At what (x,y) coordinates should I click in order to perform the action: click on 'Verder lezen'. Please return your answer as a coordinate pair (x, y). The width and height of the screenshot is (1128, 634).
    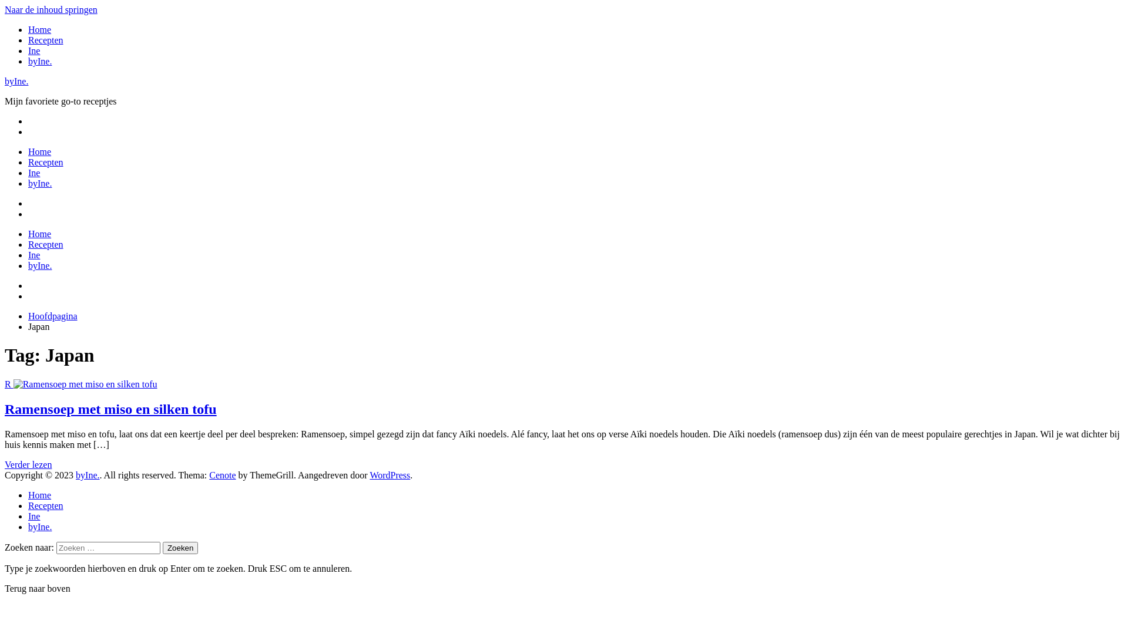
    Looking at the image, I should click on (28, 464).